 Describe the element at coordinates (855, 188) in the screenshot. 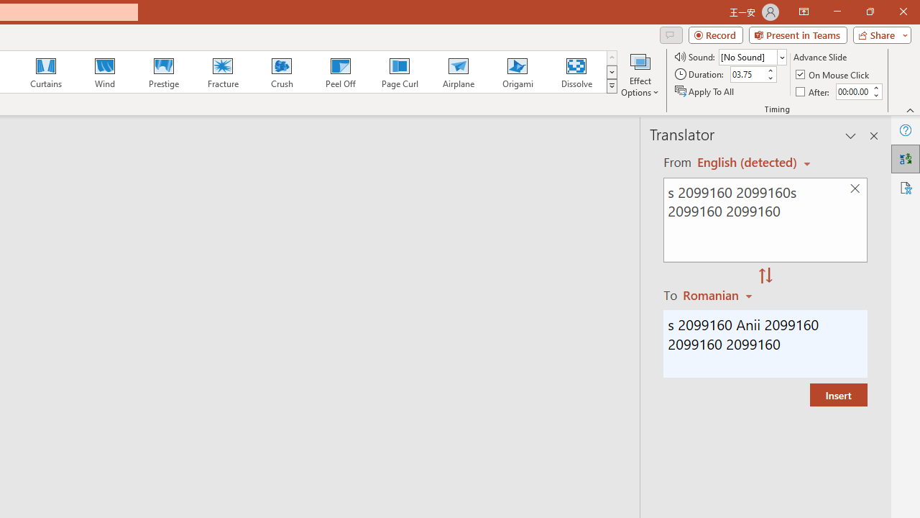

I see `'Clear text'` at that location.